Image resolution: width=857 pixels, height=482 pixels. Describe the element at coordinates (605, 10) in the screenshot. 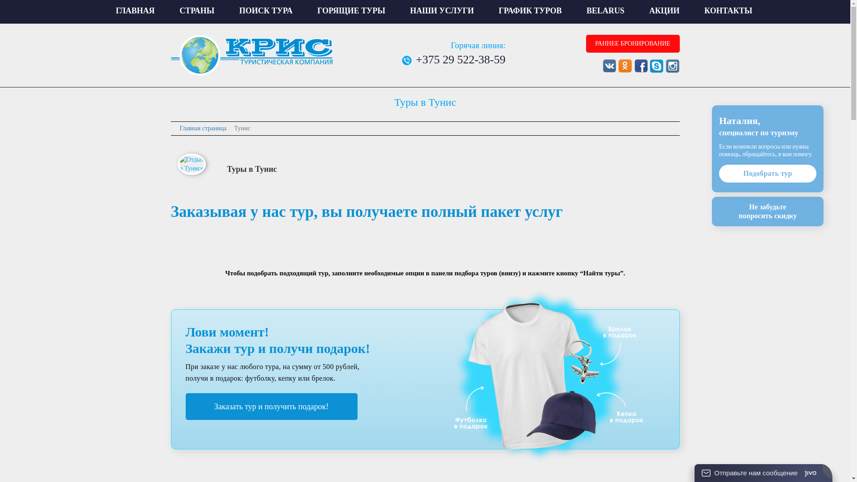

I see `'BELARUS'` at that location.